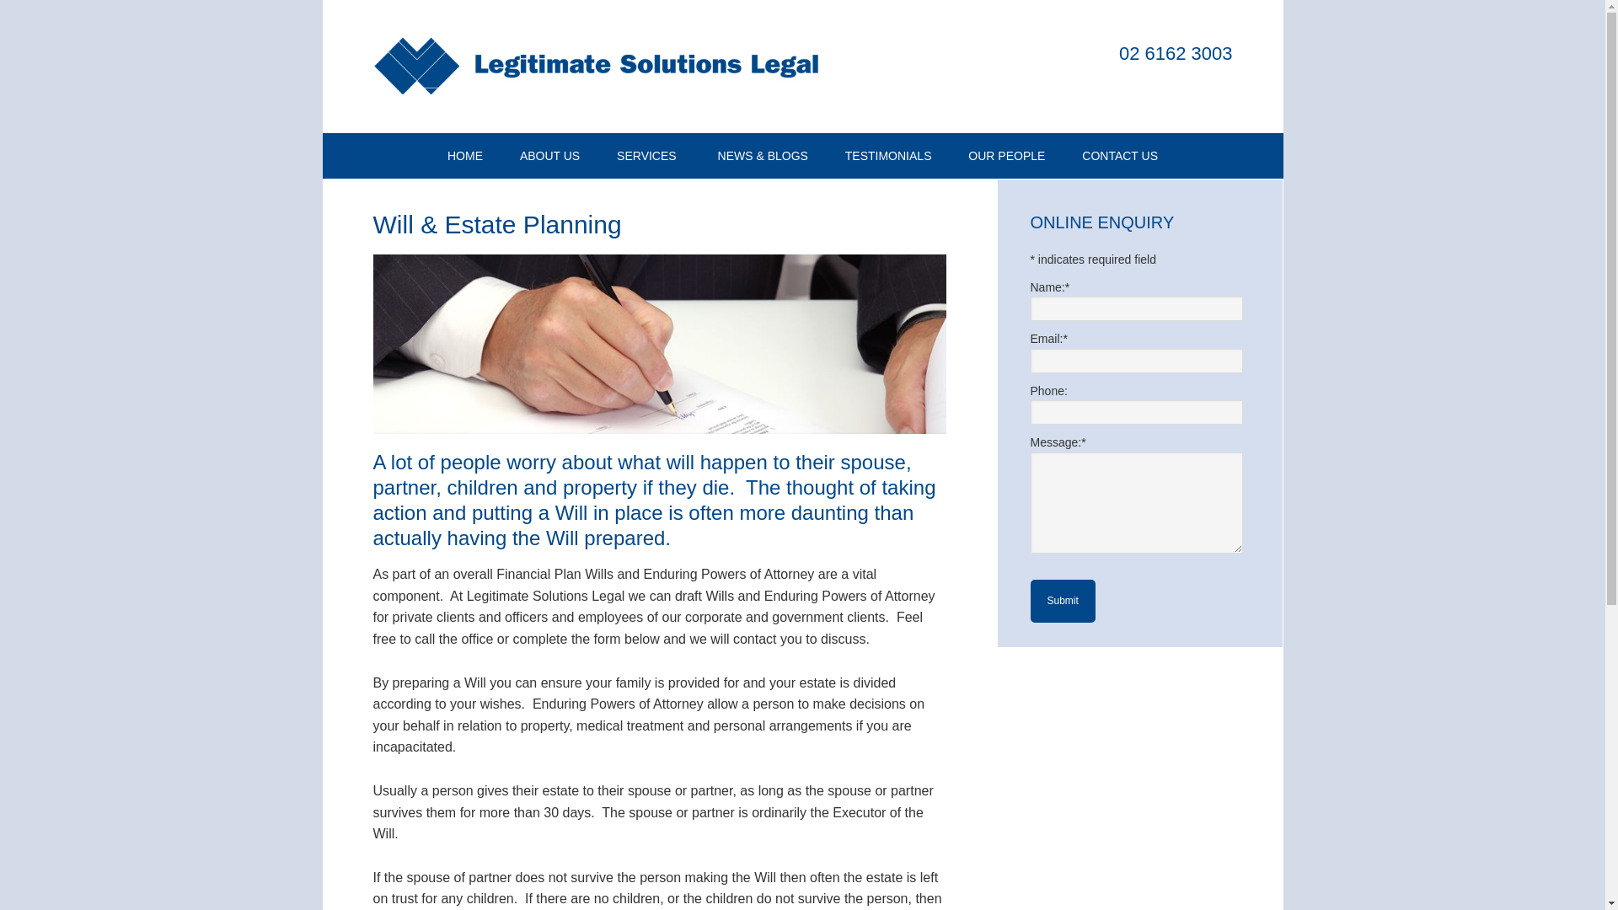  Describe the element at coordinates (1006, 156) in the screenshot. I see `'OUR PEOPLE'` at that location.